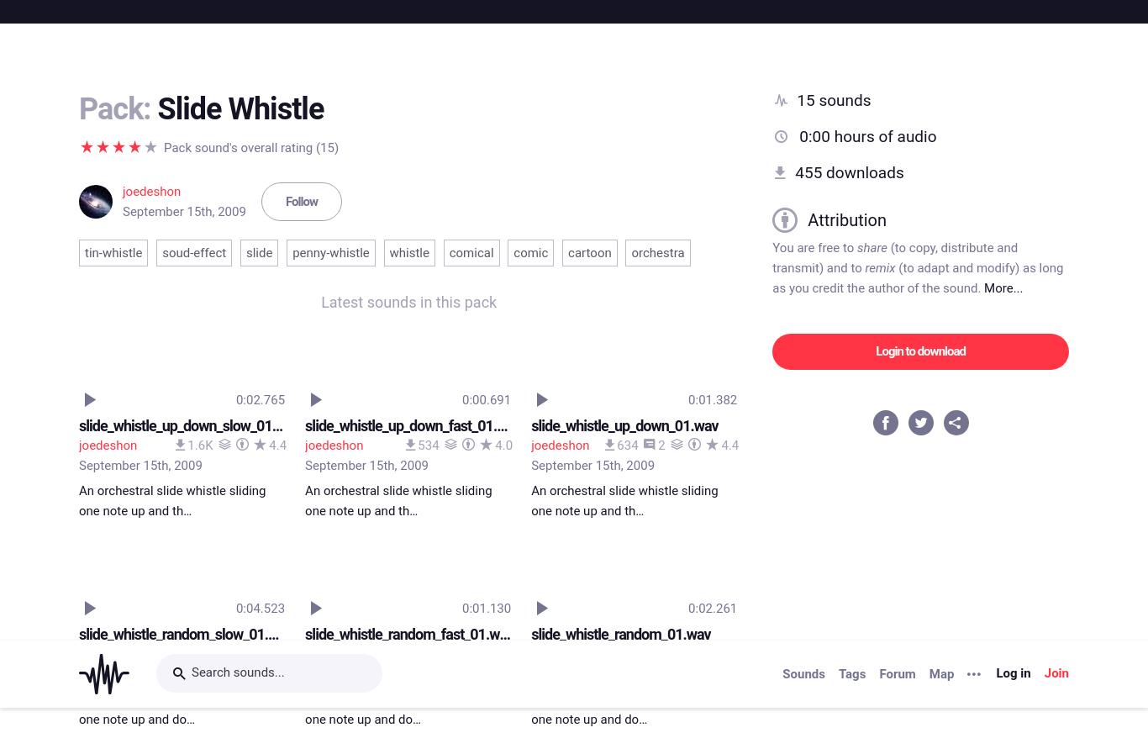 Image resolution: width=1148 pixels, height=754 pixels. What do you see at coordinates (461, 385) in the screenshot?
I see `'0:00.703'` at bounding box center [461, 385].